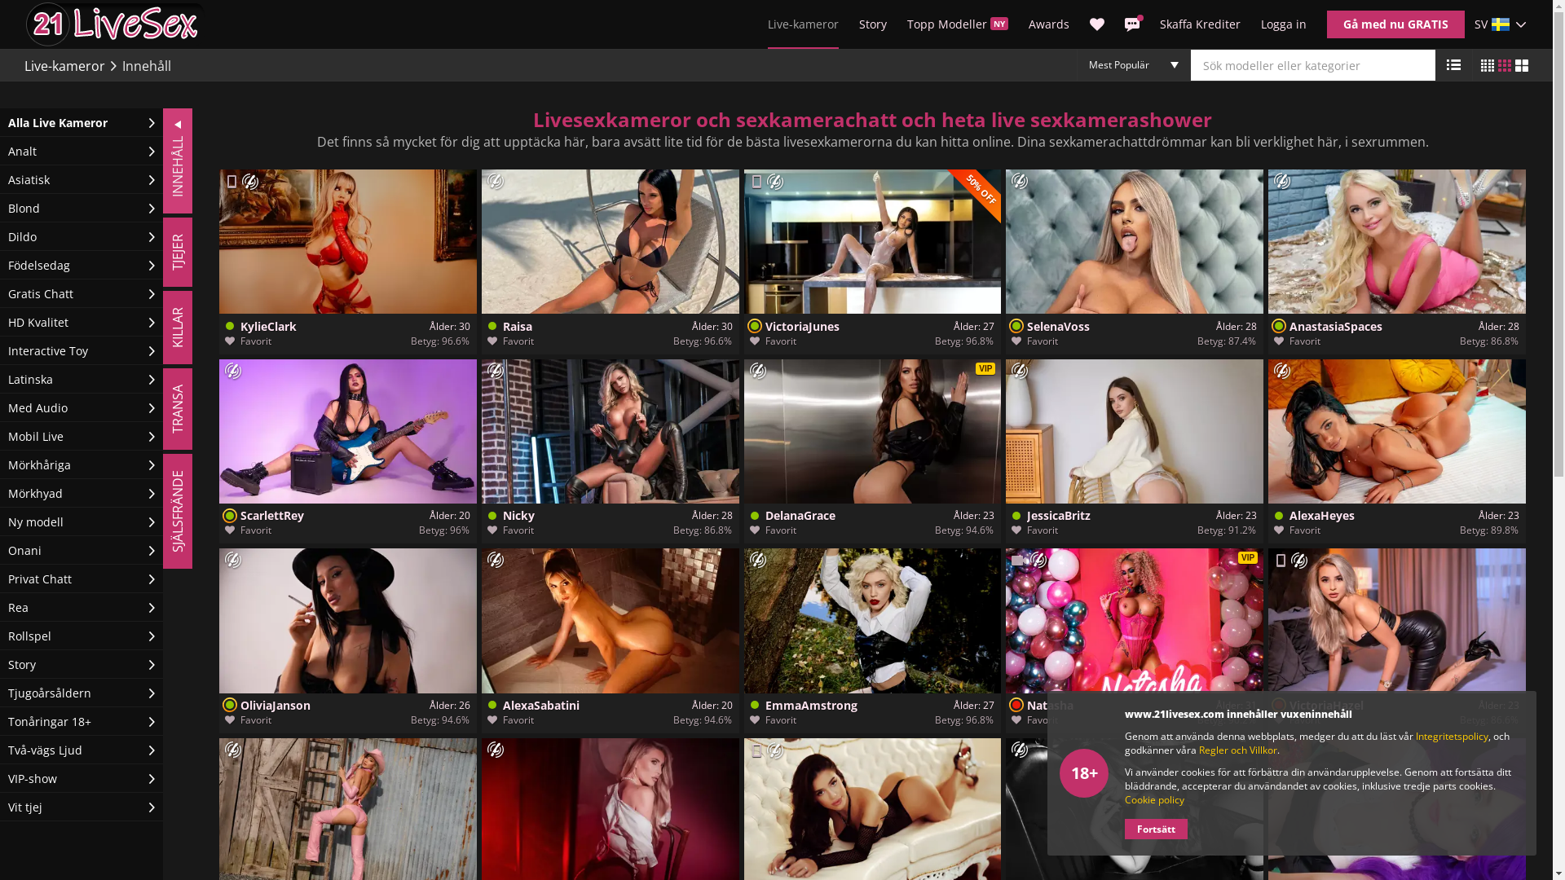 This screenshot has width=1565, height=880. What do you see at coordinates (196, 232) in the screenshot?
I see `'TJEJER'` at bounding box center [196, 232].